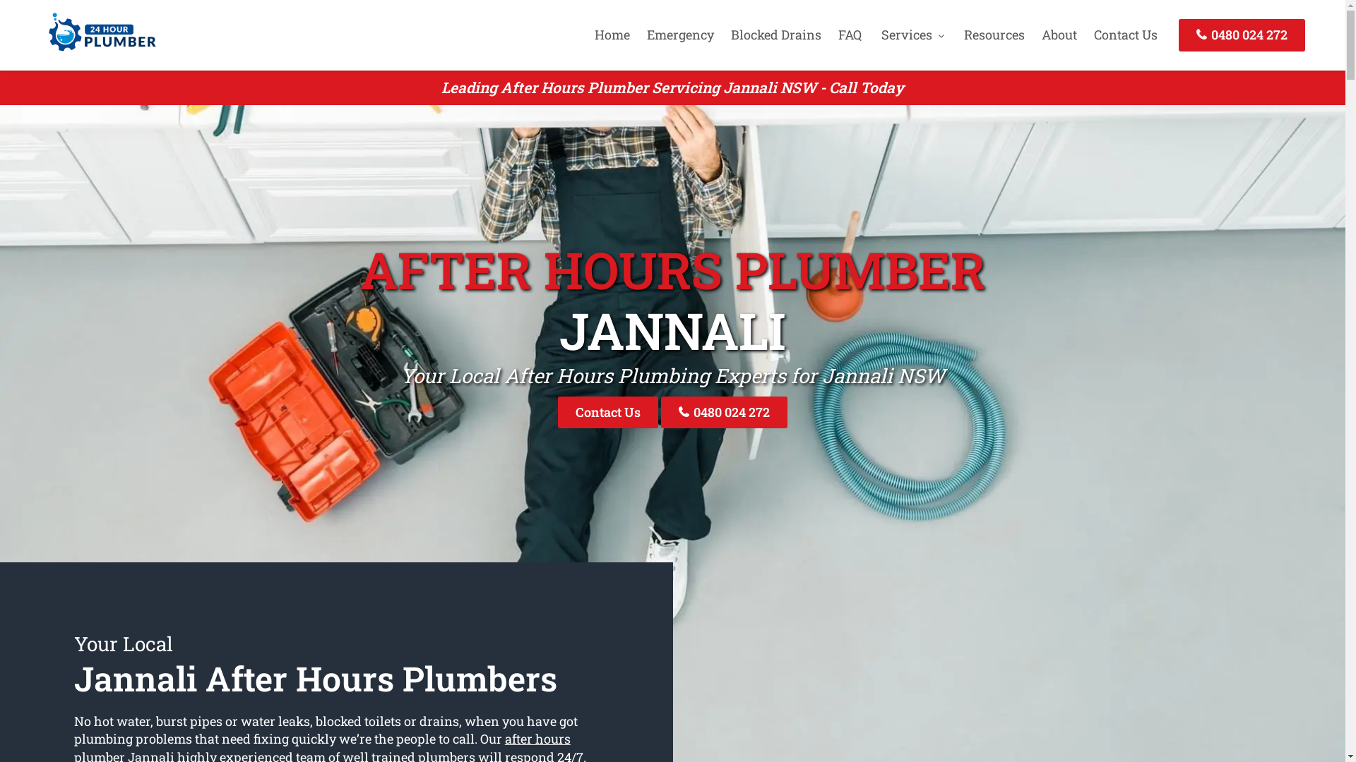 The height and width of the screenshot is (762, 1356). I want to click on 'Emergency', so click(680, 34).